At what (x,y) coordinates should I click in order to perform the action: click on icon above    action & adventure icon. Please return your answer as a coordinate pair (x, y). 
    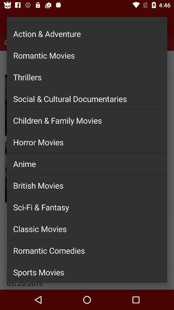
    Looking at the image, I should click on (87, 17).